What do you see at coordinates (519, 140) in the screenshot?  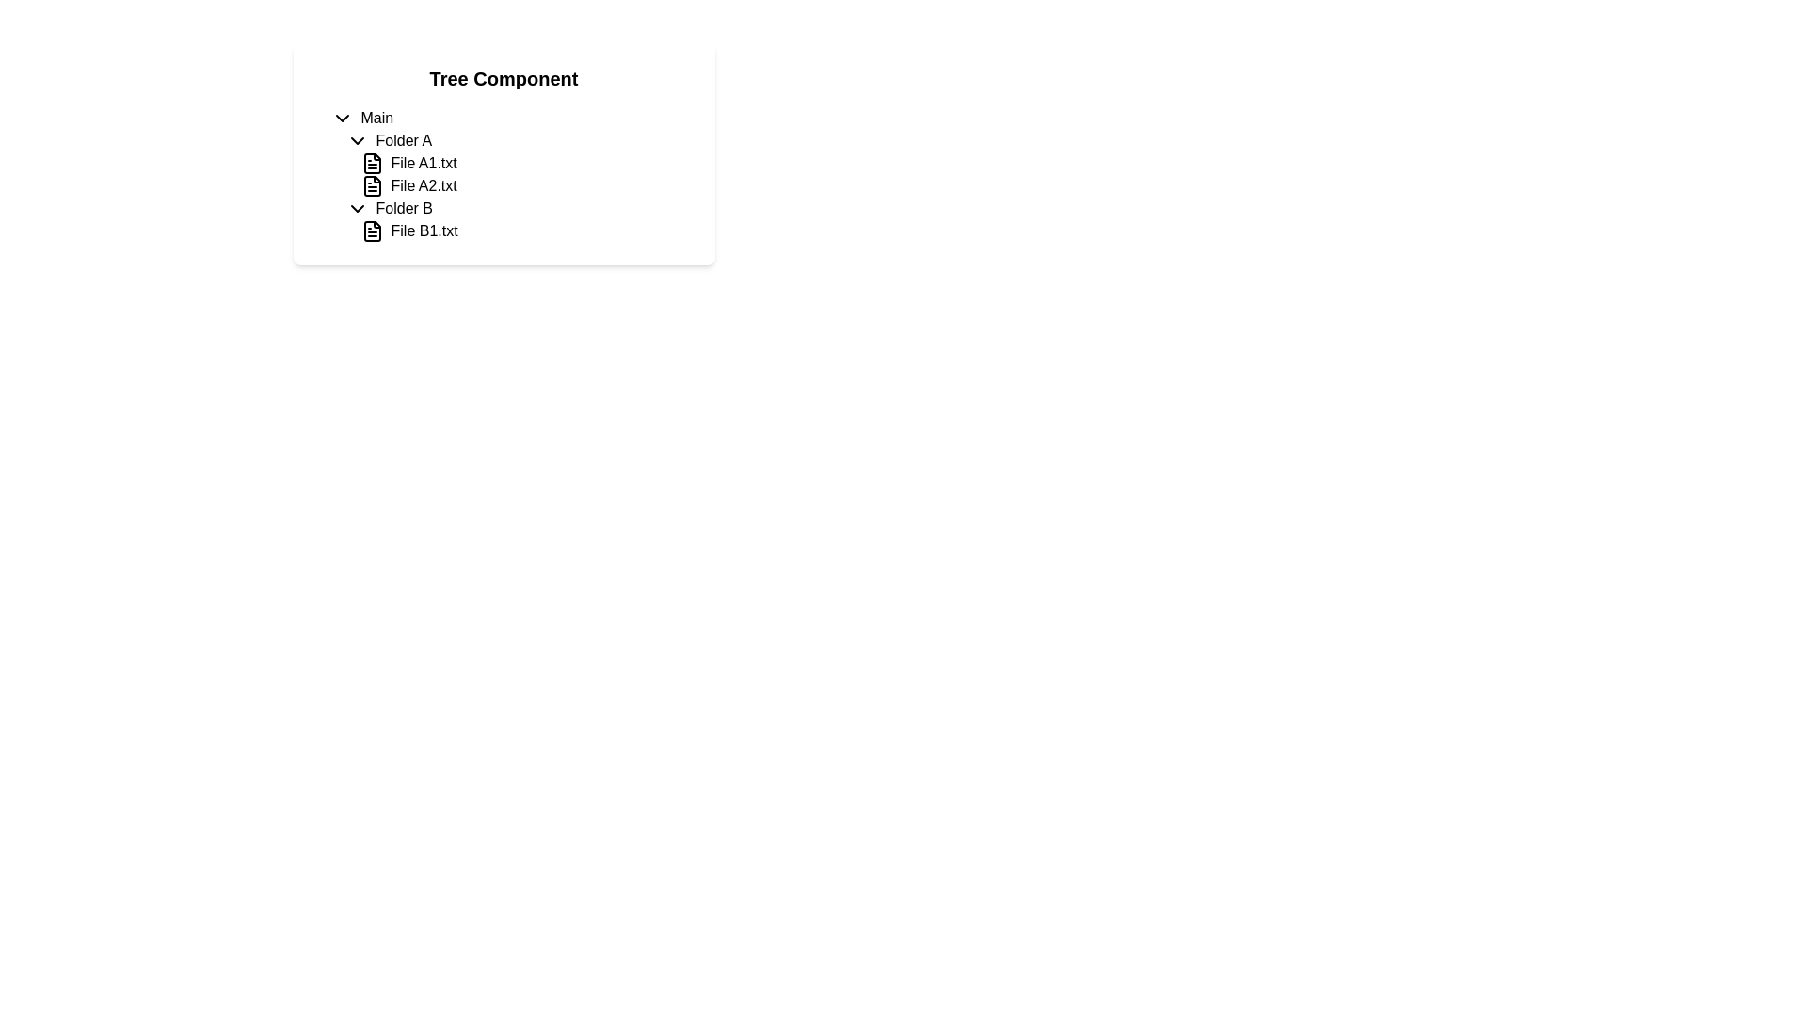 I see `the collapsible tree-view node representing a folder` at bounding box center [519, 140].